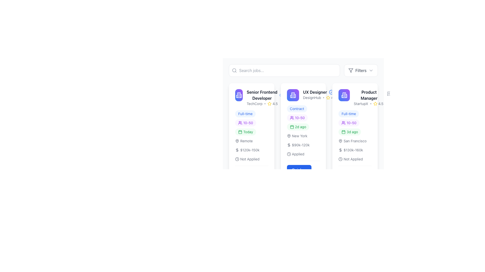  What do you see at coordinates (252, 123) in the screenshot?
I see `the text badge displaying '10-50' styled with a purple background, located below the 'Full-time' badge, to view its details` at bounding box center [252, 123].